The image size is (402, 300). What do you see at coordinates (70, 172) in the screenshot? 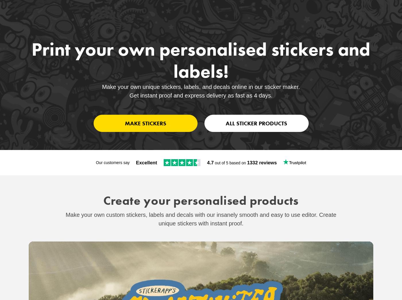
I see `'Best-seller'` at bounding box center [70, 172].